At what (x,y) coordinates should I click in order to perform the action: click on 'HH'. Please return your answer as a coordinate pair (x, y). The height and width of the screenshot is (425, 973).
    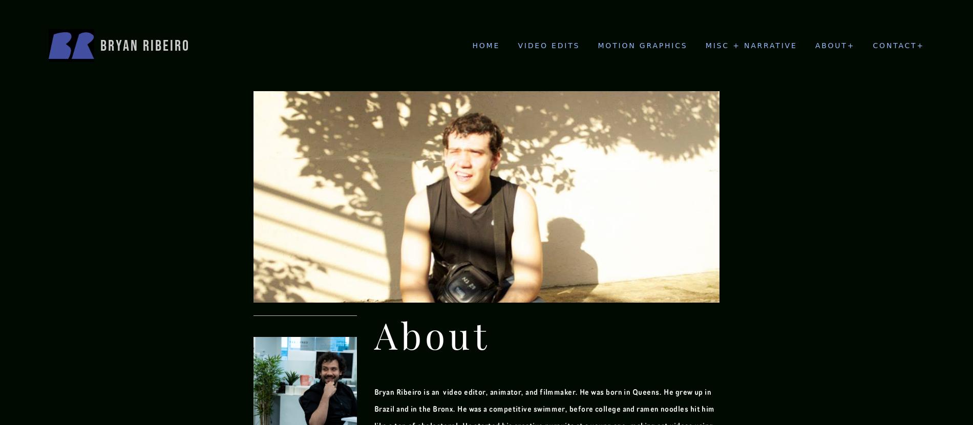
    Looking at the image, I should click on (711, 74).